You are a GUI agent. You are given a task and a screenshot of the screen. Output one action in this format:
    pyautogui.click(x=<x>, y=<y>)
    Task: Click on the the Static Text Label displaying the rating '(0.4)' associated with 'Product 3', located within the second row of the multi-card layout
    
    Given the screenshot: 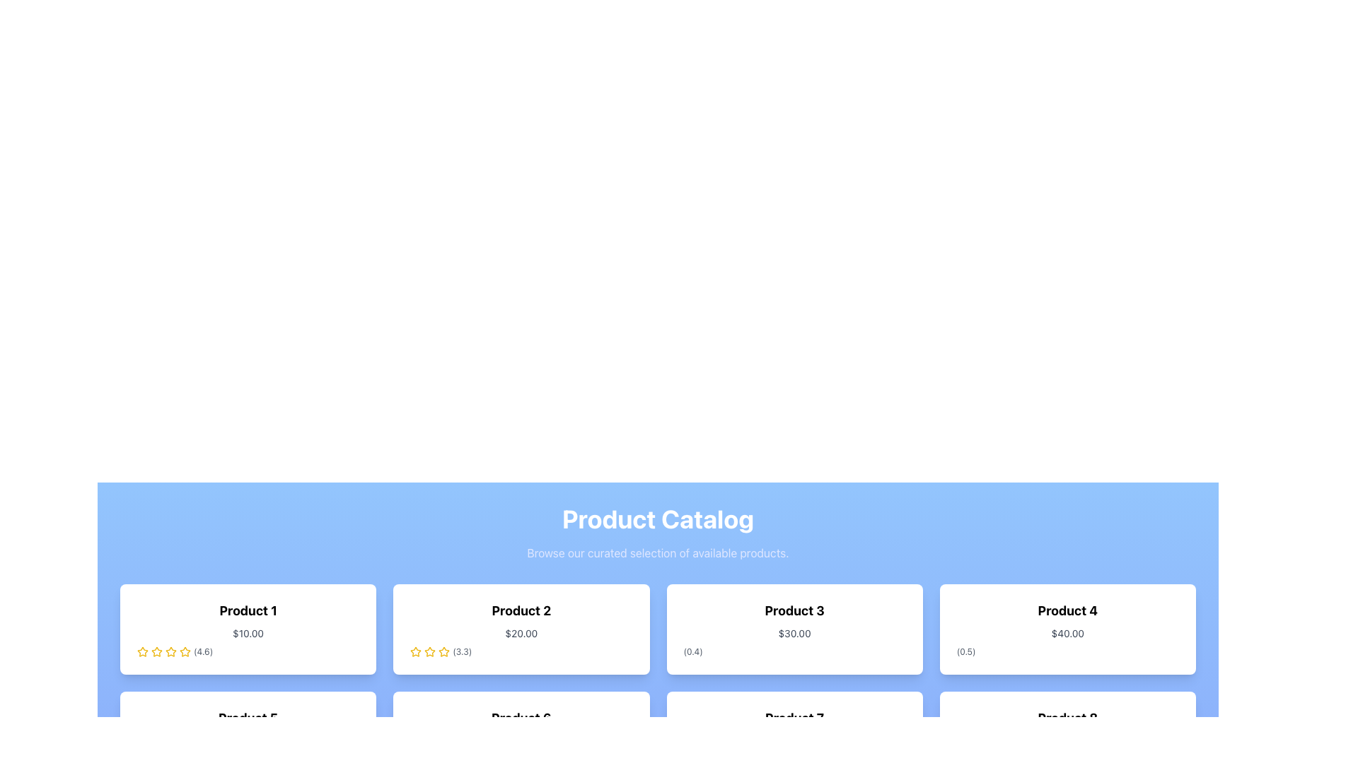 What is the action you would take?
    pyautogui.click(x=693, y=651)
    